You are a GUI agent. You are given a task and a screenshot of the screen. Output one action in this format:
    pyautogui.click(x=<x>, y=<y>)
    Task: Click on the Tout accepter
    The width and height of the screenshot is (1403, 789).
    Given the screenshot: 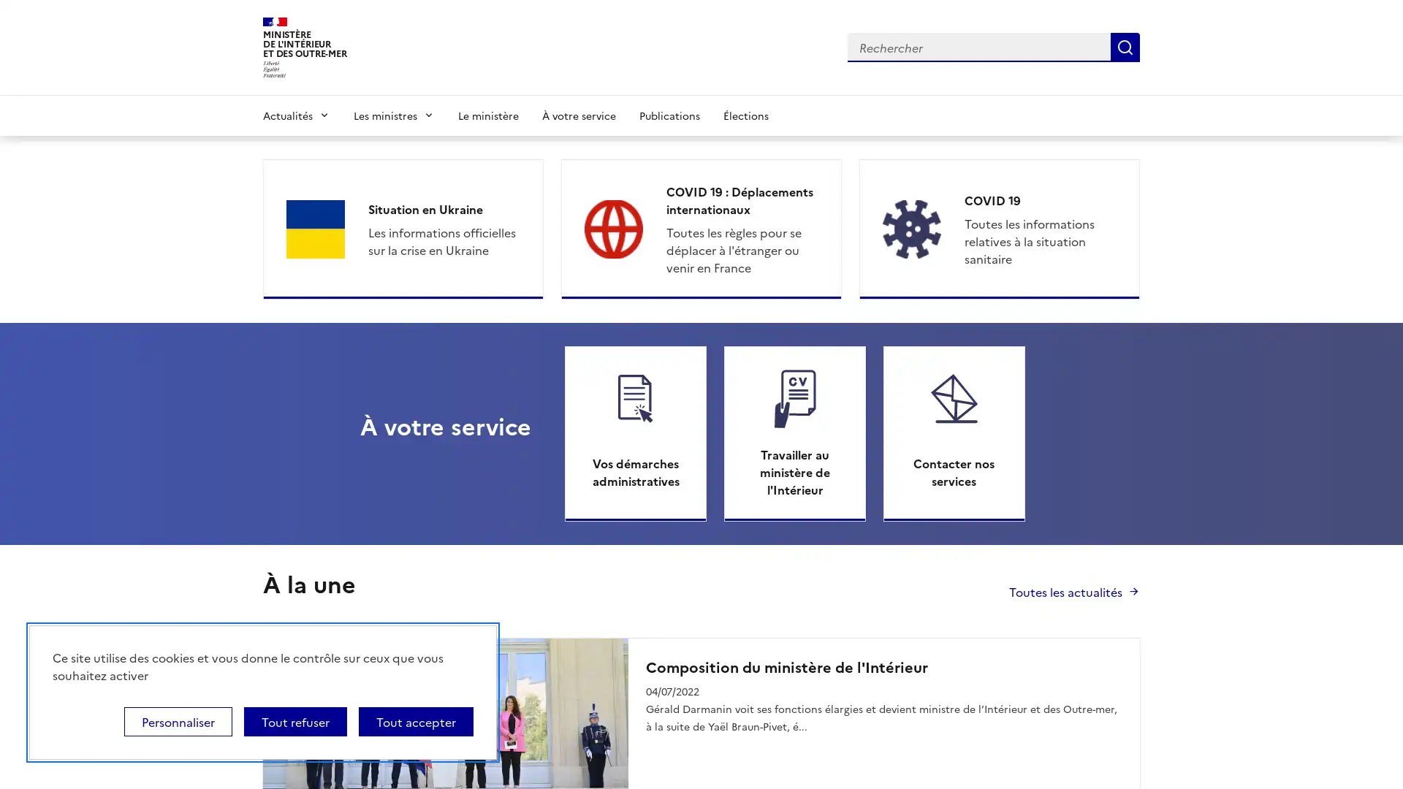 What is the action you would take?
    pyautogui.click(x=415, y=720)
    